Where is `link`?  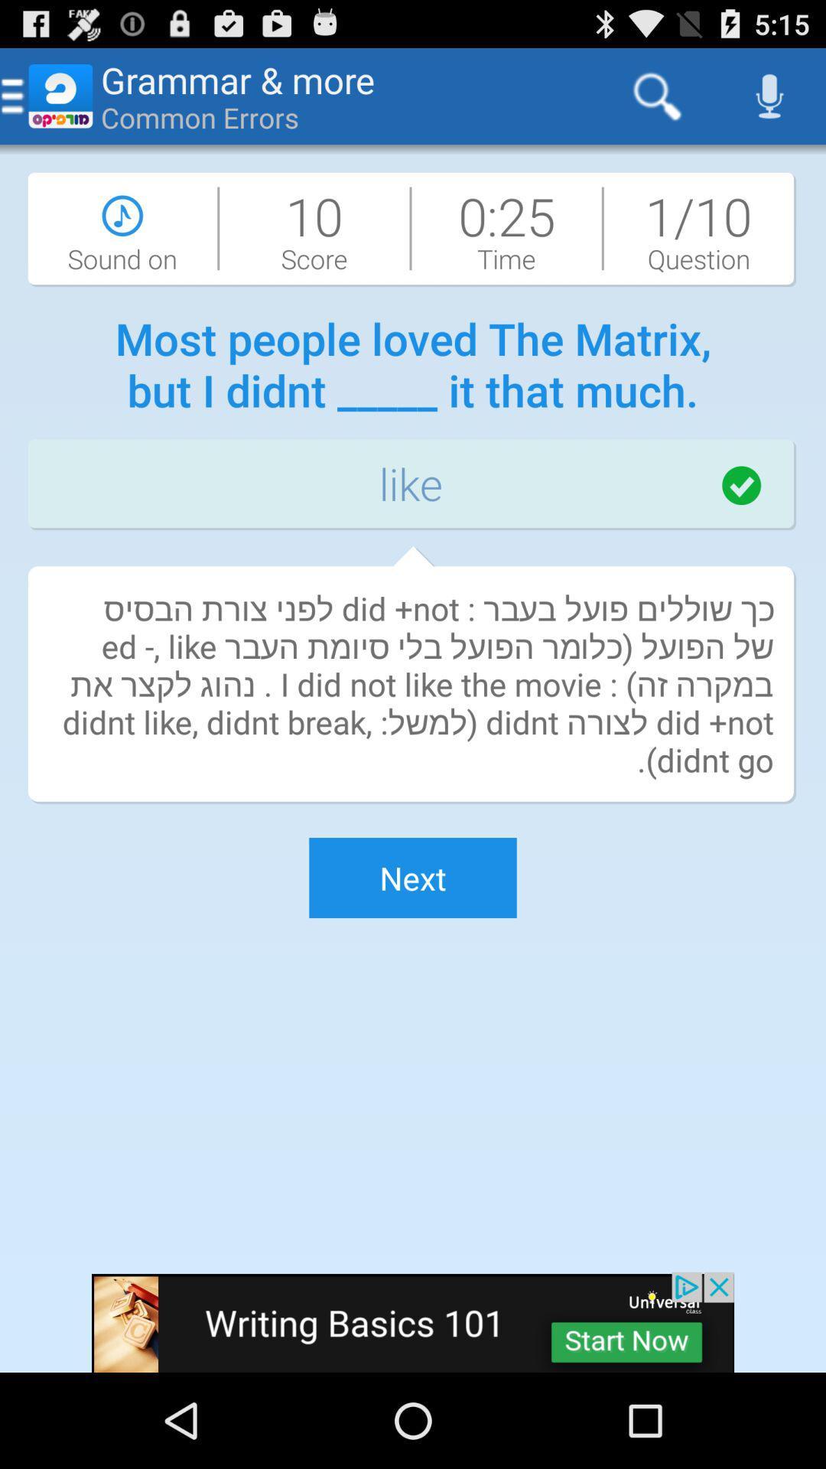
link is located at coordinates (413, 1321).